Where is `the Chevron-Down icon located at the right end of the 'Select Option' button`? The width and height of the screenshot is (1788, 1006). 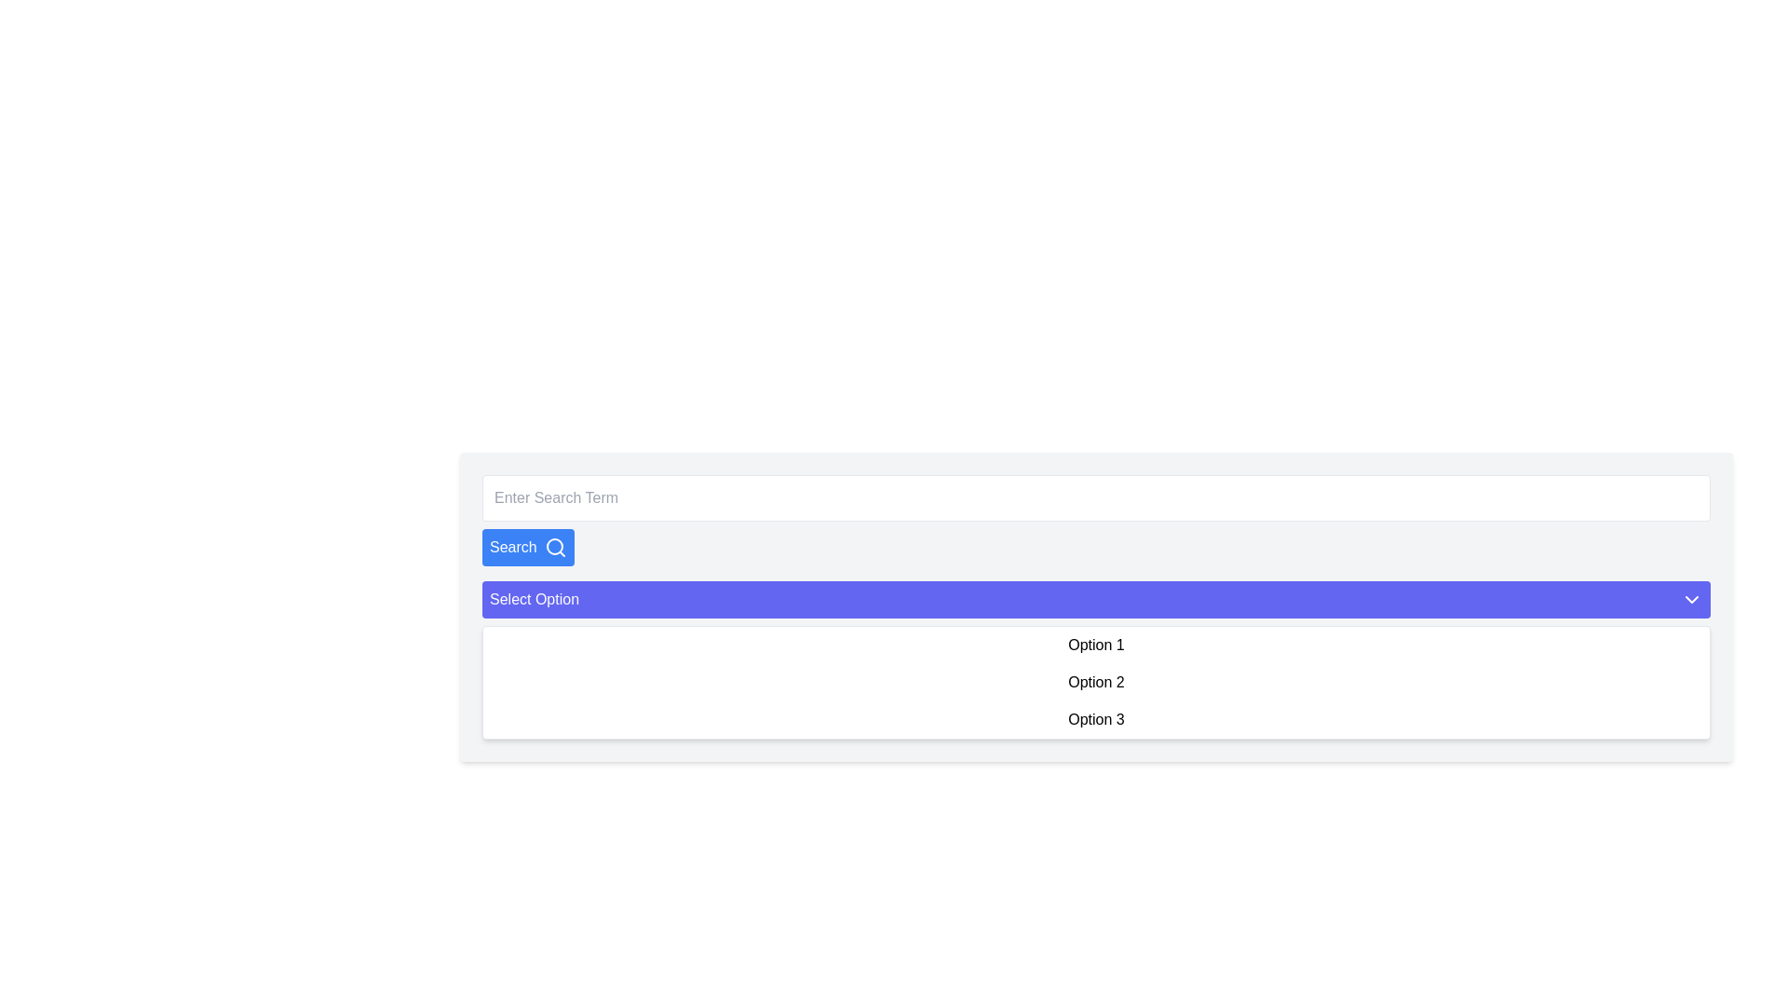 the Chevron-Down icon located at the right end of the 'Select Option' button is located at coordinates (1692, 600).